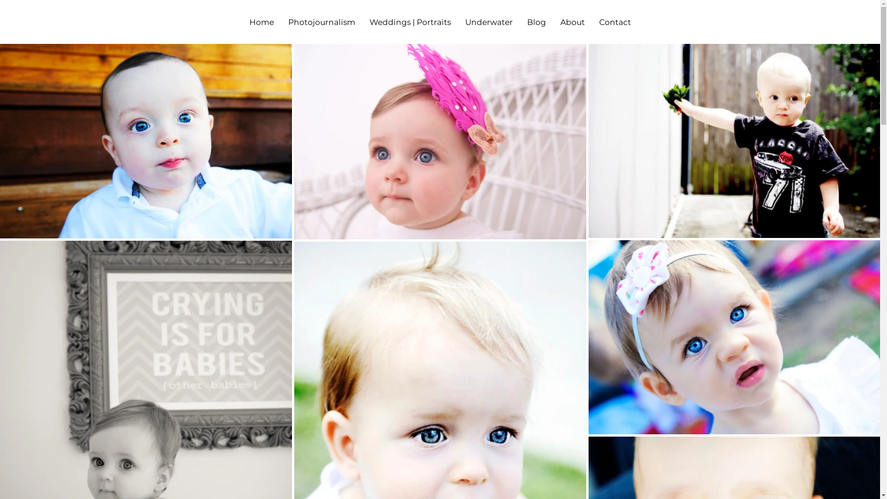 This screenshot has height=499, width=887. I want to click on 'Home', so click(242, 22).